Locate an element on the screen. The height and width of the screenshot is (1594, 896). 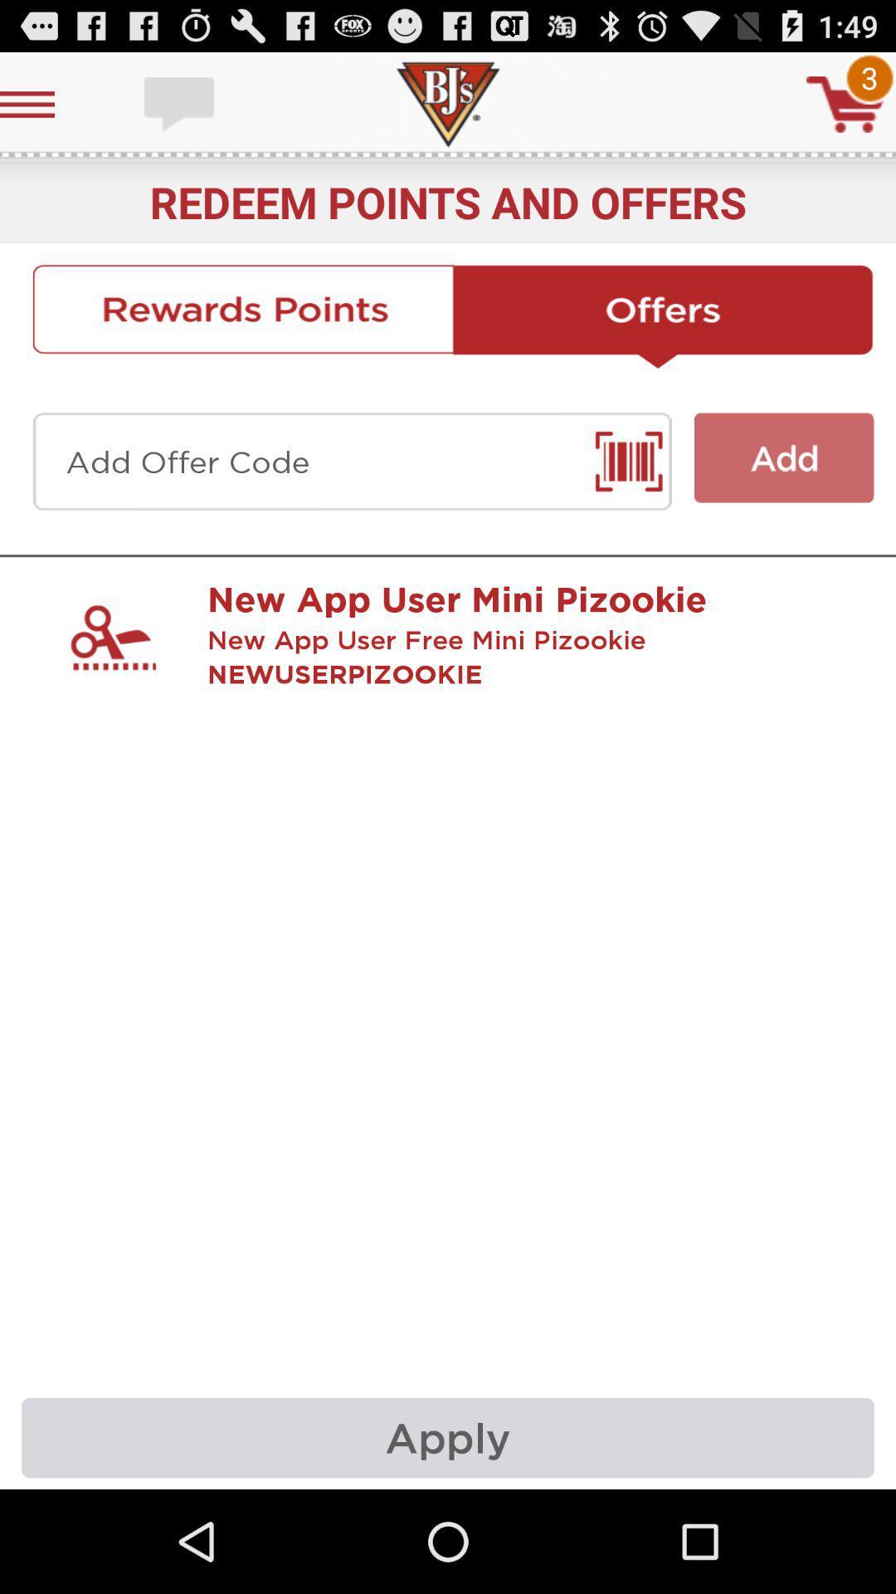
scan upc is located at coordinates (351, 462).